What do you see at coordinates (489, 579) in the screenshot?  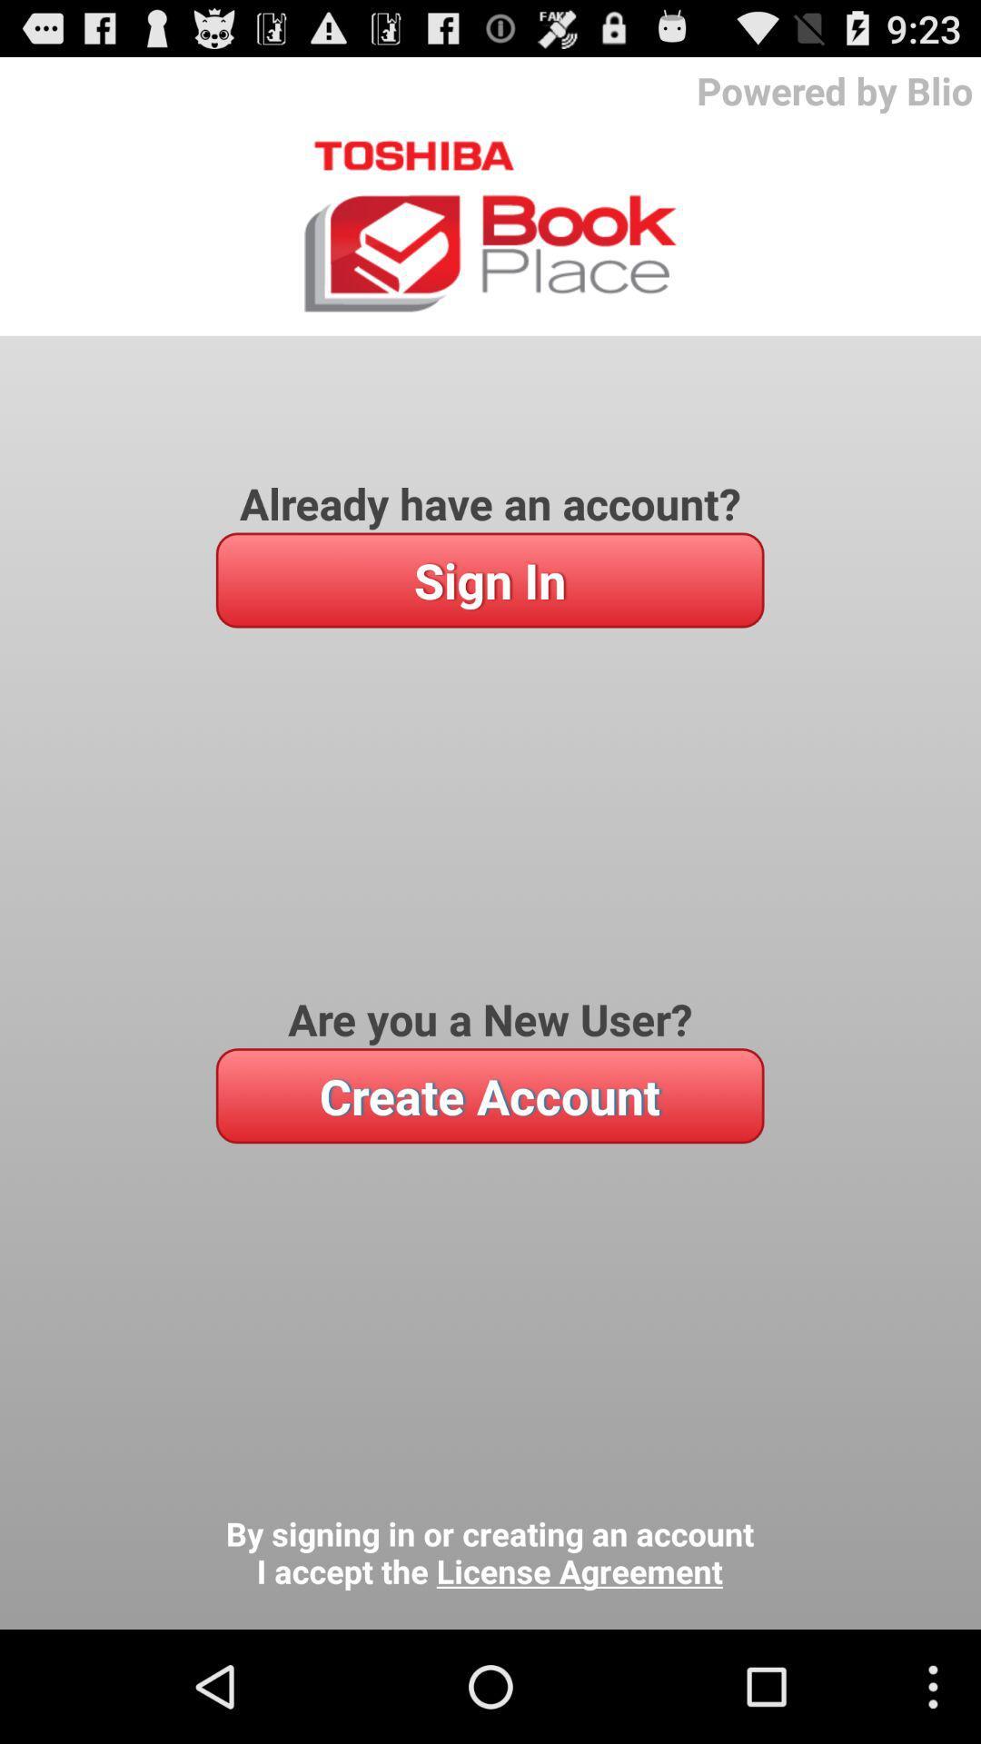 I see `the sign in item` at bounding box center [489, 579].